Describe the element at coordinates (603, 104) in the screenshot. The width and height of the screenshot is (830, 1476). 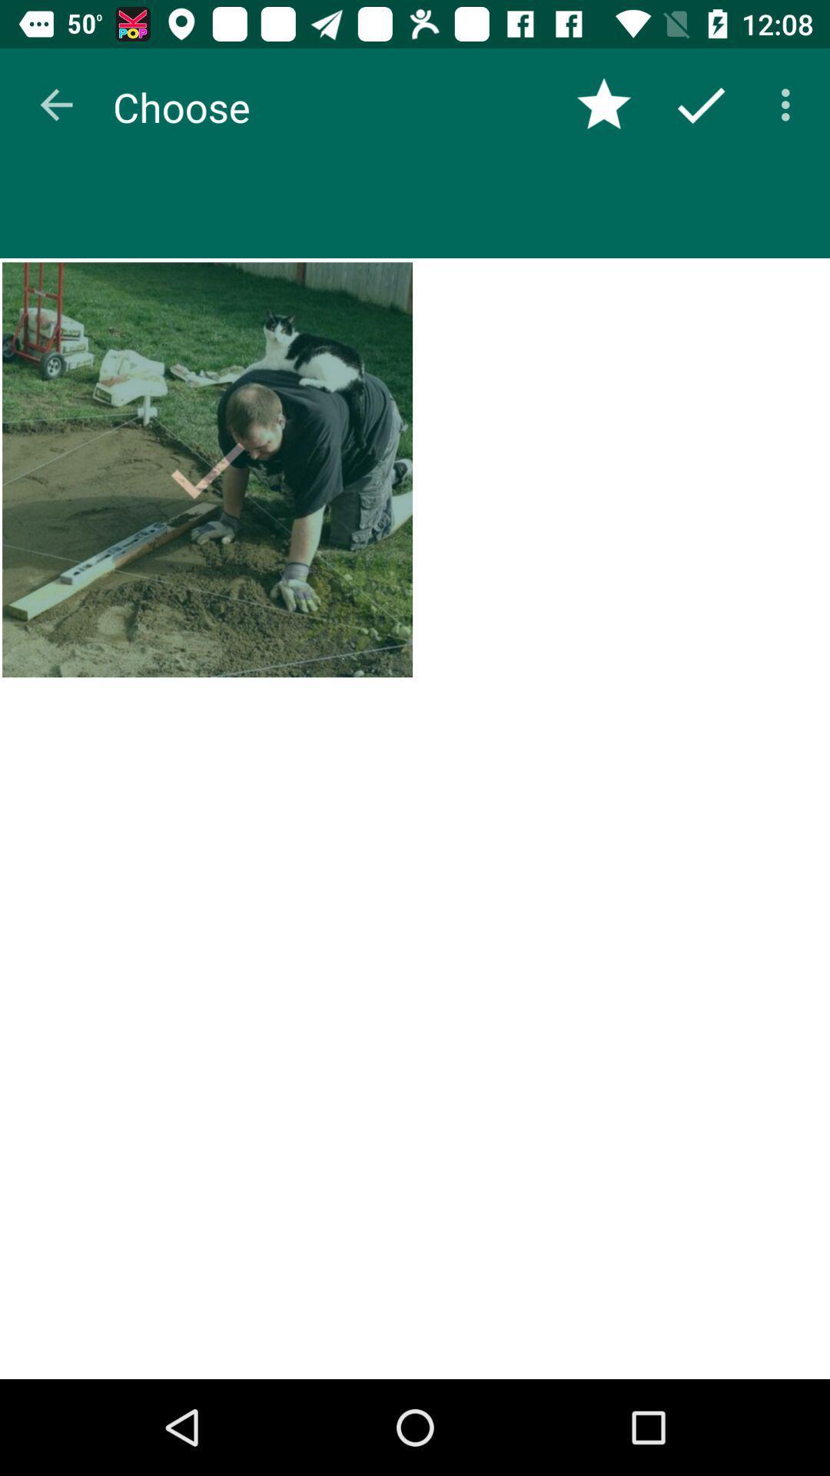
I see `the icon to the right of choose` at that location.